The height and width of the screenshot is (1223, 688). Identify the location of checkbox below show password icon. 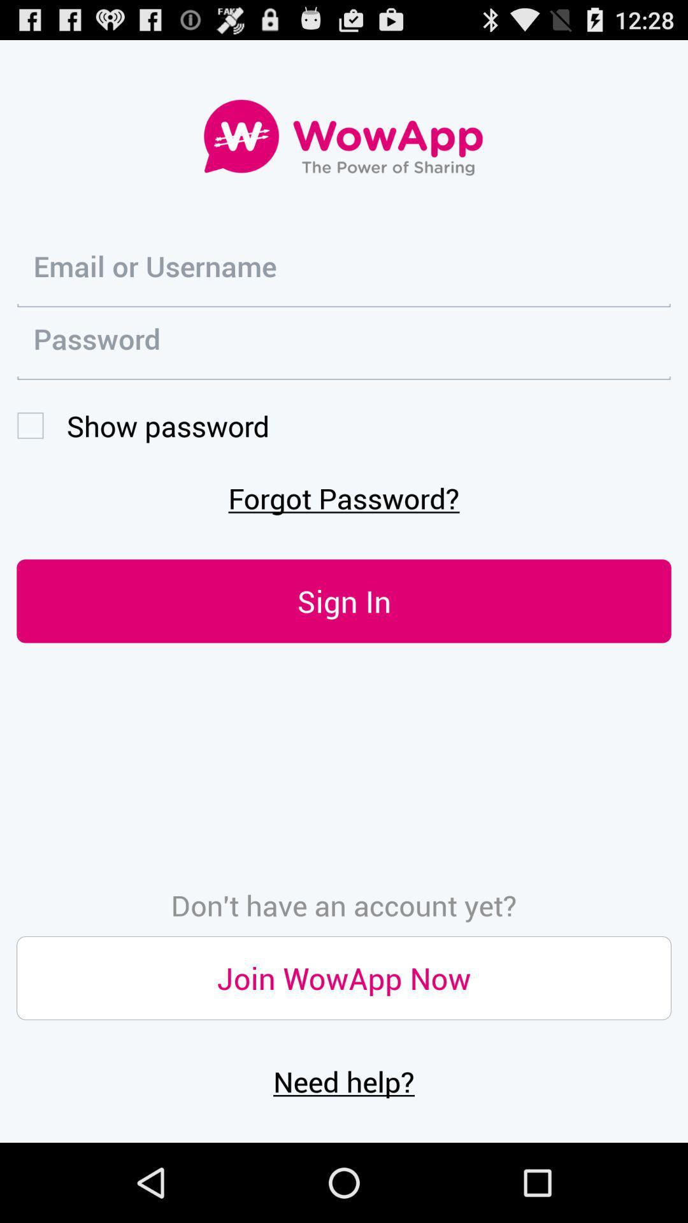
(344, 497).